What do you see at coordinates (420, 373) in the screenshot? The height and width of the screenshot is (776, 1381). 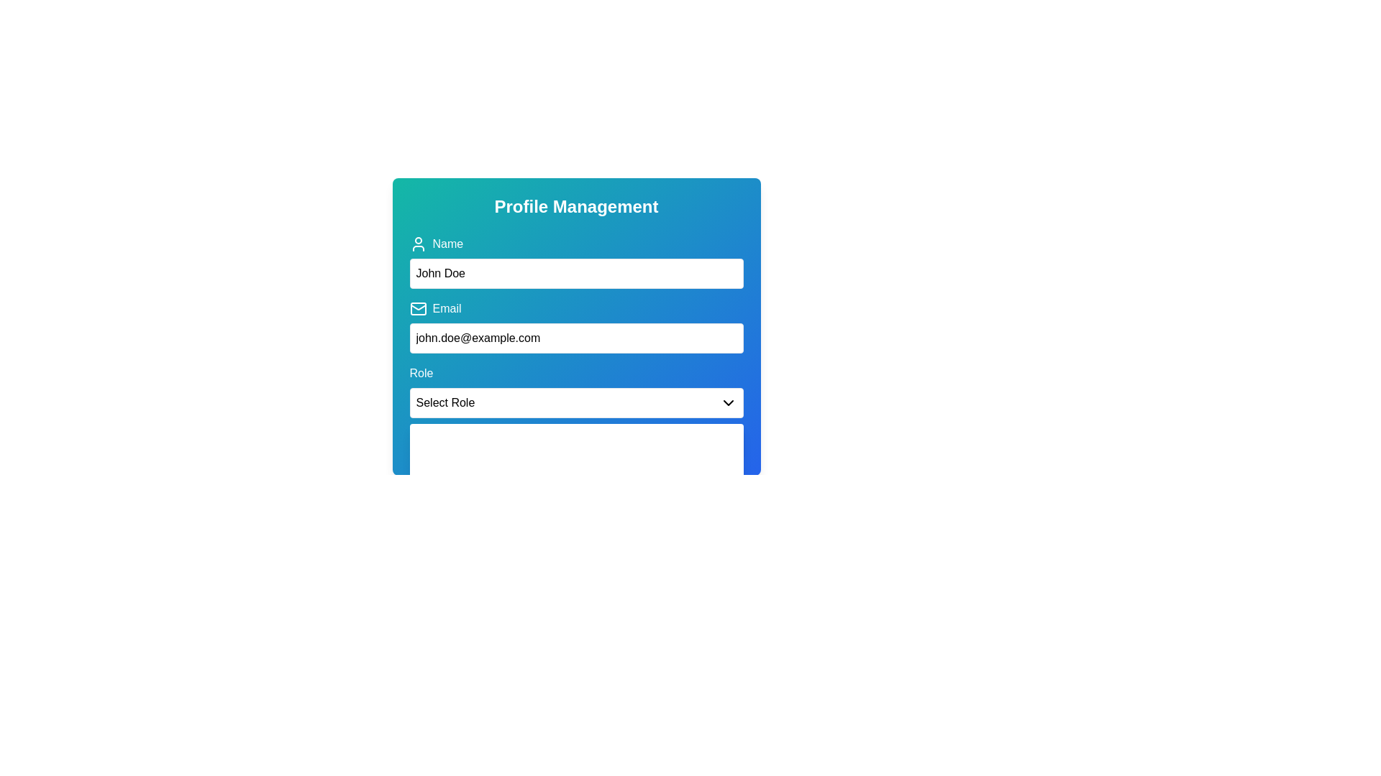 I see `the Text label that describes the purpose of the adjacent dropdown menu for selecting a 'Role.' This label is positioned slightly below the center of the form section, above the 'Select Role' dropdown, and aligns with other labels such as 'Name' and 'Email.'` at bounding box center [420, 373].